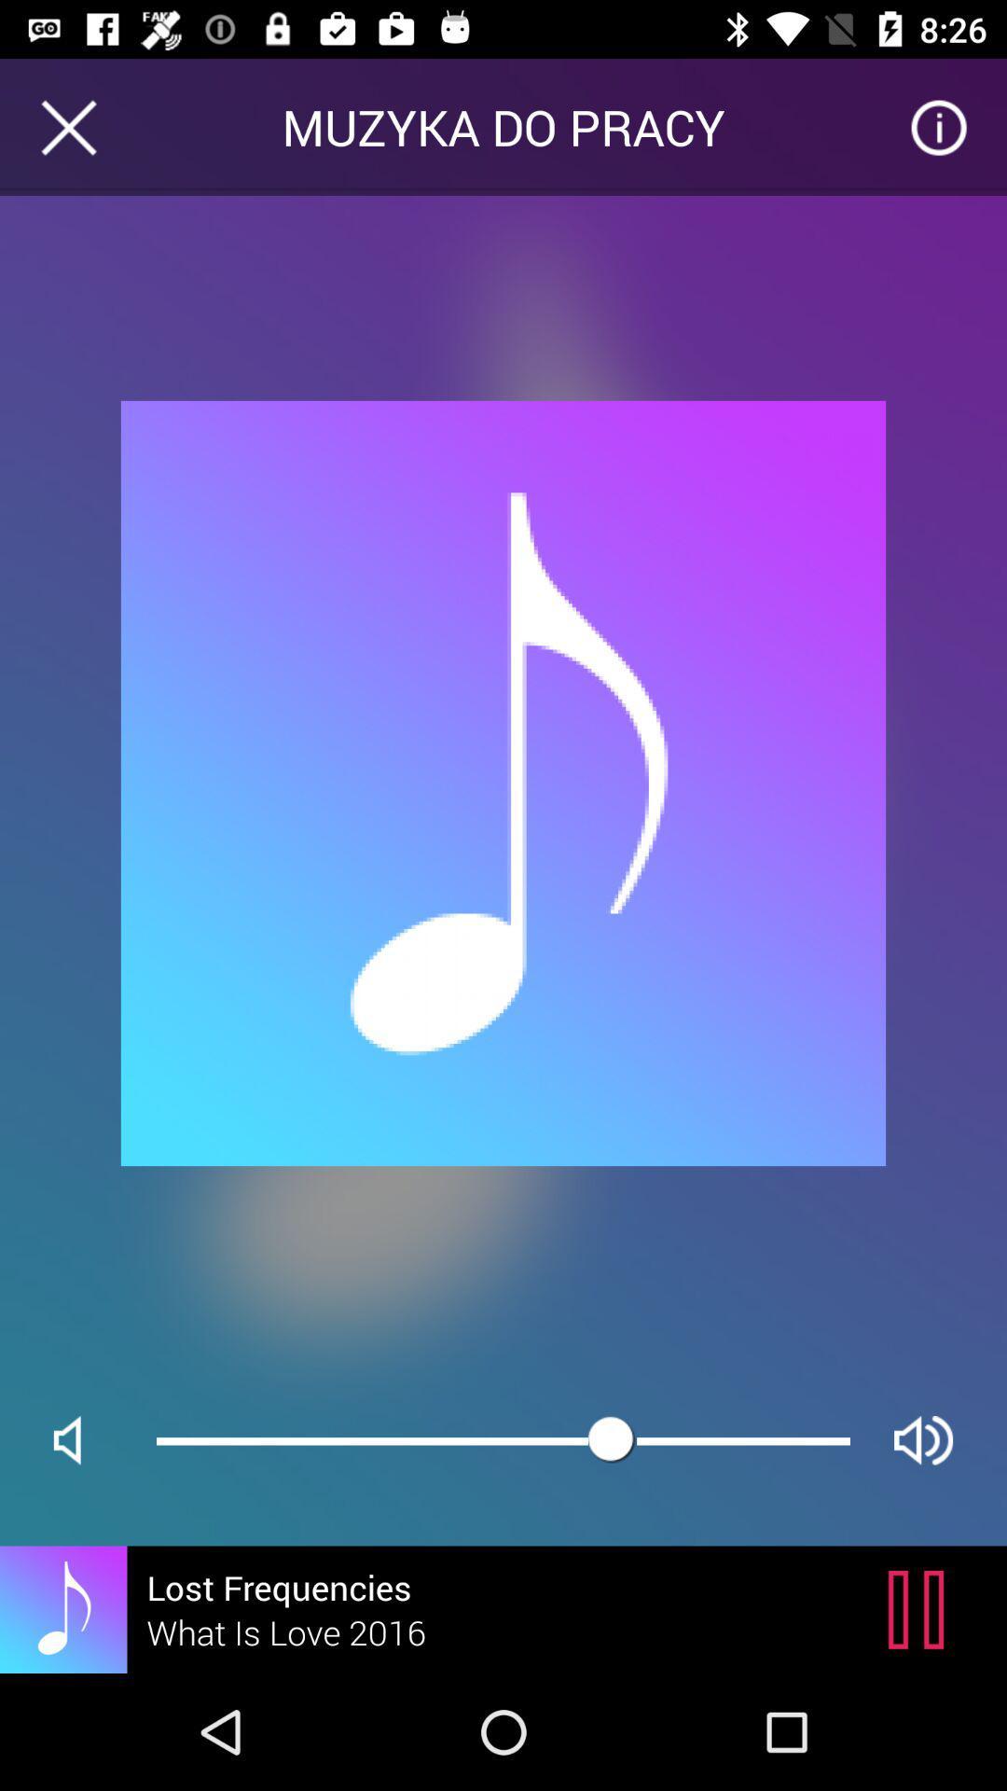 The width and height of the screenshot is (1007, 1791). I want to click on the item next to the lost frequencies icon, so click(920, 1608).